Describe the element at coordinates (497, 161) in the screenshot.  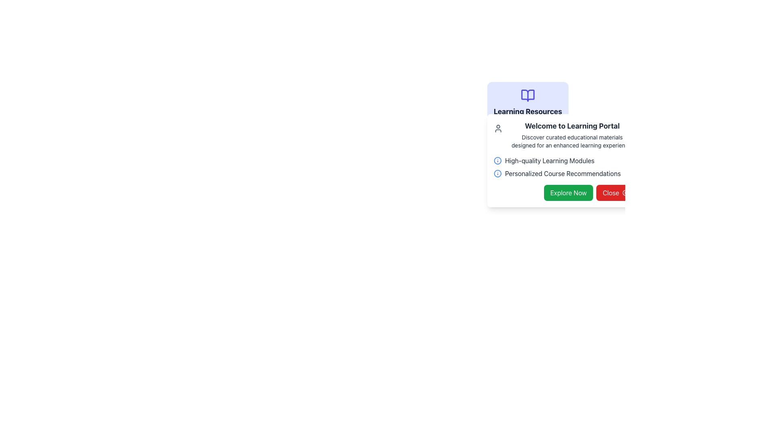
I see `the informational icon located to the left of the label 'High-quality Learning Modules' within the 'Learning Resources' block` at that location.